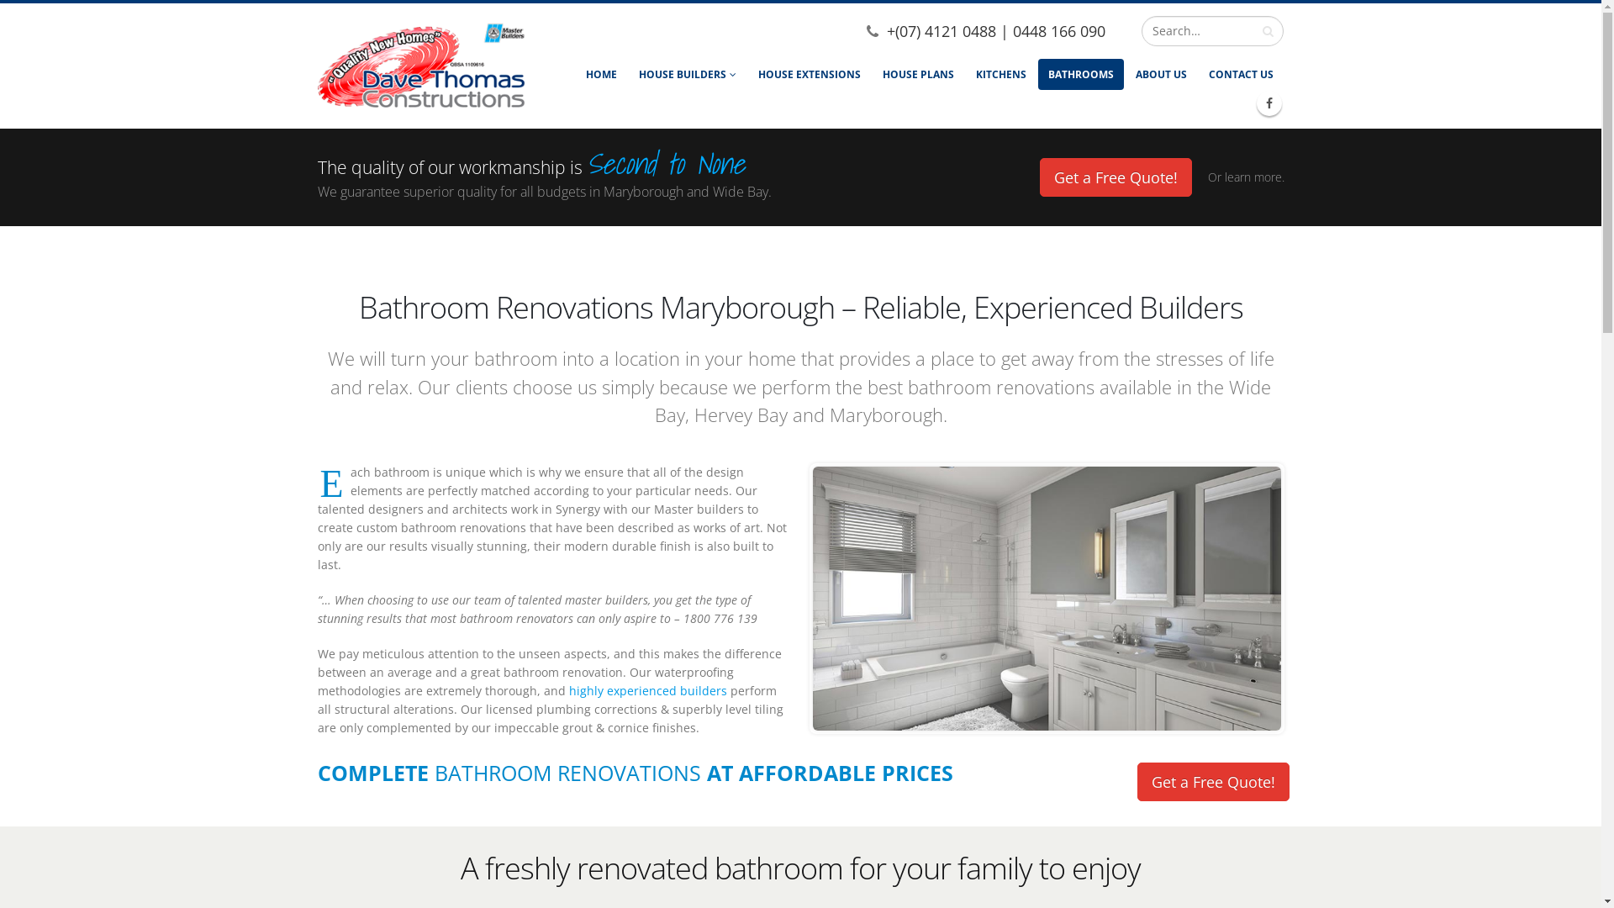 The image size is (1614, 908). What do you see at coordinates (1241, 73) in the screenshot?
I see `'CONTACT US'` at bounding box center [1241, 73].